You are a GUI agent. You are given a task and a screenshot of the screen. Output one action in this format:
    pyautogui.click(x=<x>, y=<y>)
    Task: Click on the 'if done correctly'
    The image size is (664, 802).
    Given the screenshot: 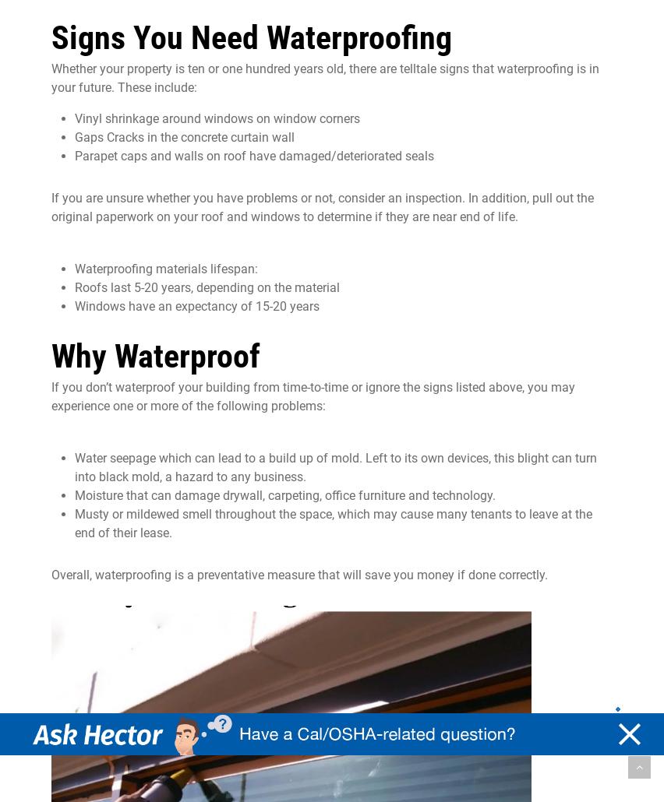 What is the action you would take?
    pyautogui.click(x=498, y=575)
    